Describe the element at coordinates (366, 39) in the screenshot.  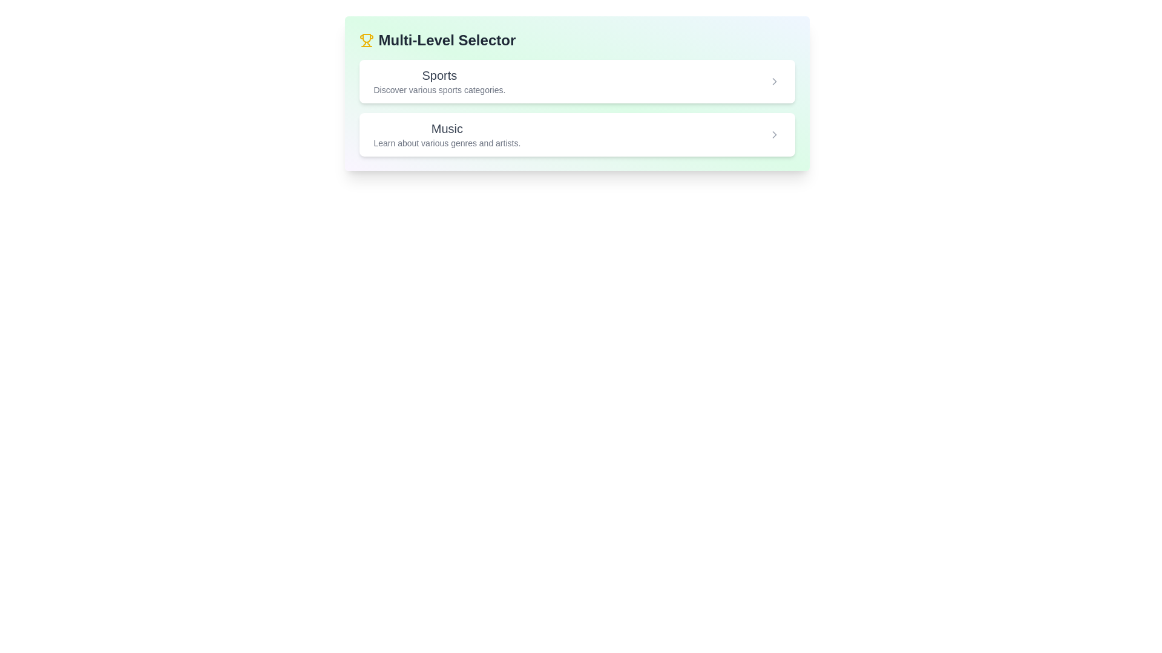
I see `the yellow trophy icon located to the immediate left of the title text 'Multi-Level Selector' at the top-left corner of the interface` at that location.